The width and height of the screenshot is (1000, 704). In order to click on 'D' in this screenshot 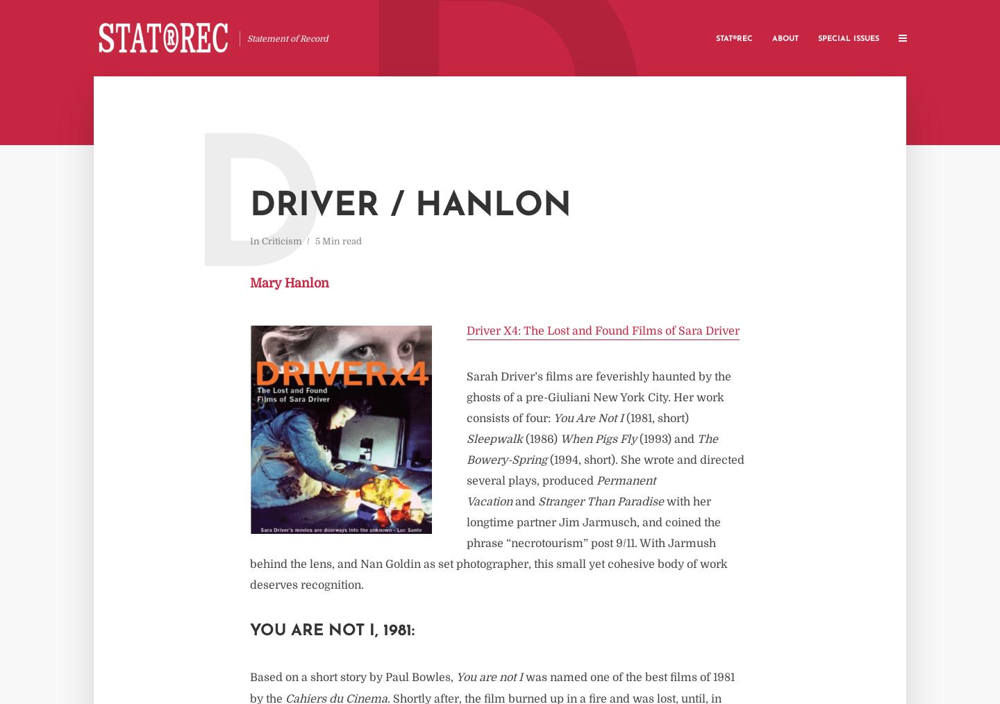, I will do `click(256, 219)`.